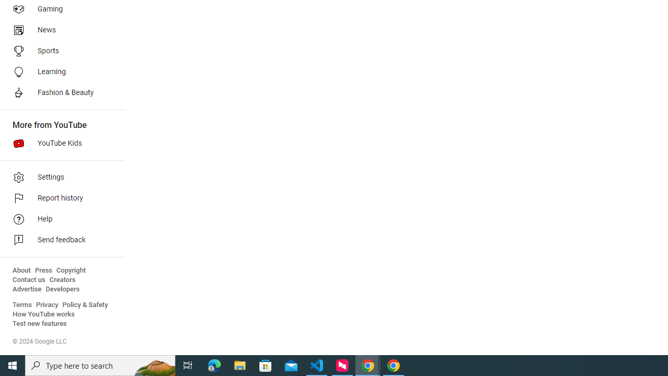 This screenshot has height=376, width=668. Describe the element at coordinates (70, 270) in the screenshot. I see `'Copyright'` at that location.